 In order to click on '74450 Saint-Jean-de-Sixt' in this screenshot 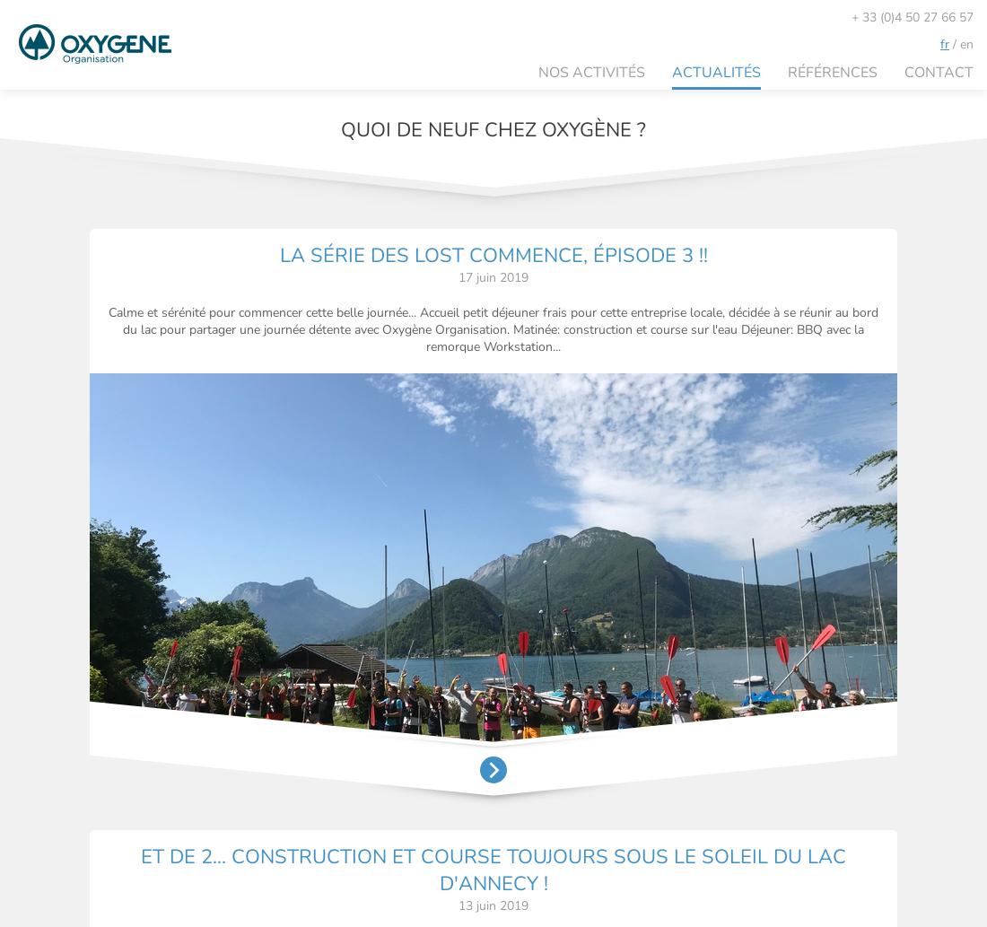, I will do `click(224, 844)`.